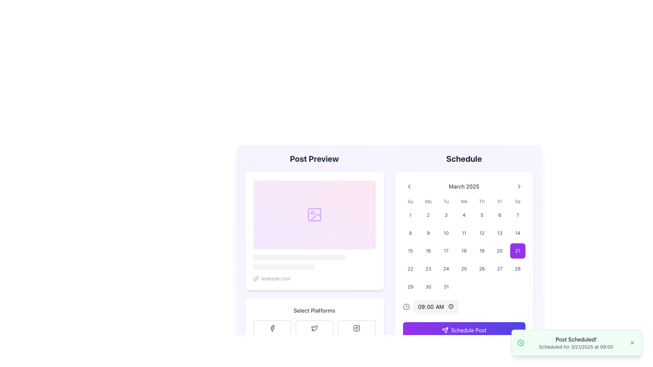 The image size is (653, 367). What do you see at coordinates (408, 186) in the screenshot?
I see `the leftward-facing chevron arrow icon, which is styled with rounded edges and located within a small interactive box in the top-left corner of the schedule section, to trigger the hover effect` at bounding box center [408, 186].